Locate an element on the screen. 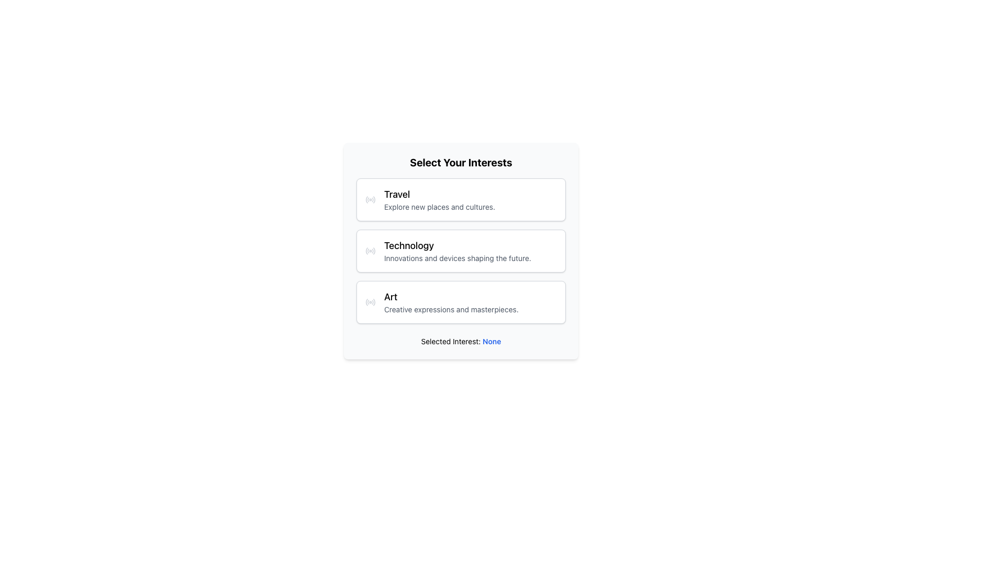 The width and height of the screenshot is (1005, 565). the rightmost curved line of the radio wave pattern in the SVG graphic icon, which is part of a grouped SVG element located left of the 'Technology' label is located at coordinates (374, 251).